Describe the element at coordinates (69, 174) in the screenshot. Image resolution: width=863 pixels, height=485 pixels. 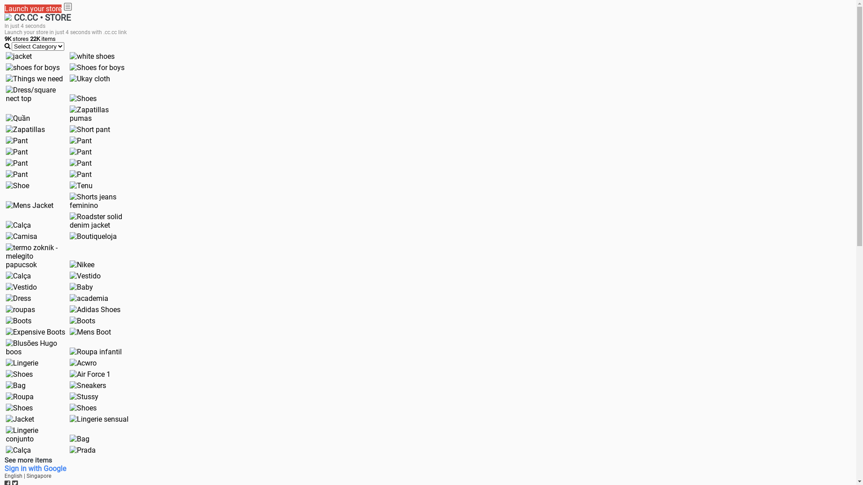
I see `'Pant'` at that location.